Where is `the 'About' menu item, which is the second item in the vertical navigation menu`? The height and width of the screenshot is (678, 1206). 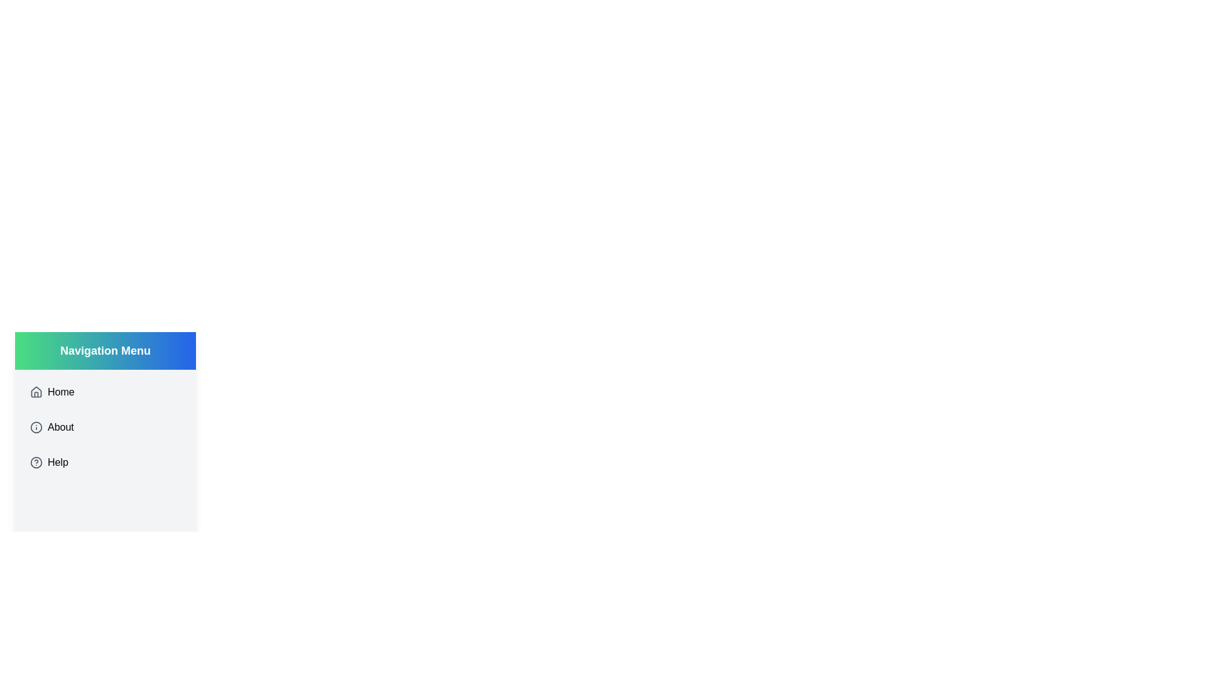
the 'About' menu item, which is the second item in the vertical navigation menu is located at coordinates (106, 427).